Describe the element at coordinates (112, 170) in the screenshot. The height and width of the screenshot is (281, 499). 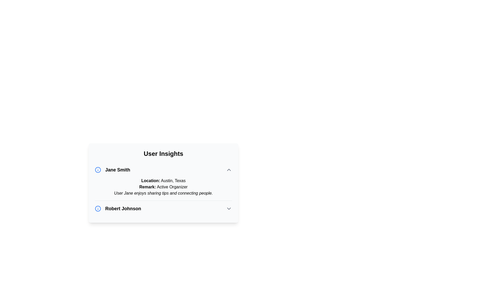
I see `the text label representing the user's name in the 'User Insights' section` at that location.